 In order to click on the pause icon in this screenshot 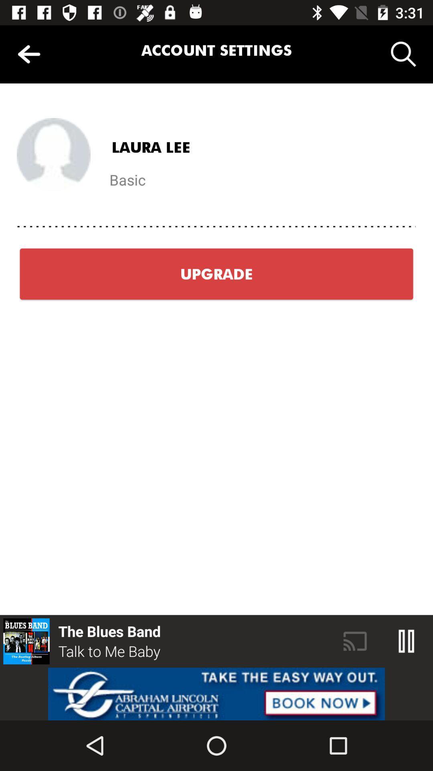, I will do `click(407, 641)`.